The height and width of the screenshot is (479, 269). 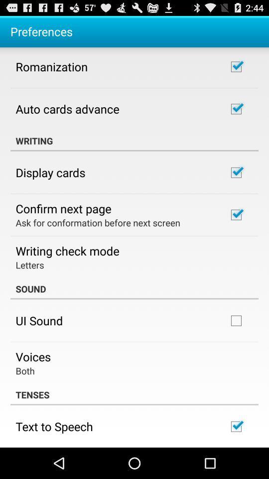 What do you see at coordinates (51, 66) in the screenshot?
I see `app below the preferences app` at bounding box center [51, 66].